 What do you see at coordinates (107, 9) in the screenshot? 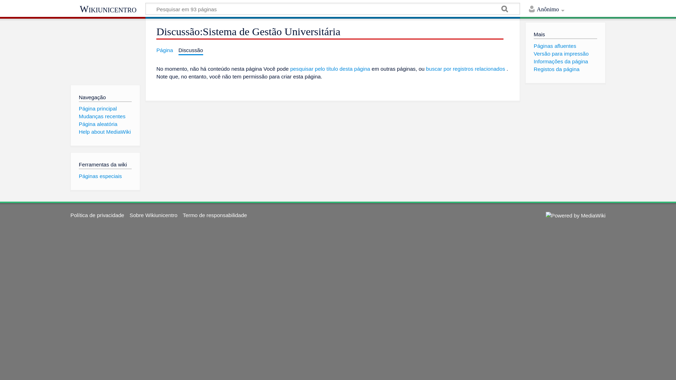
I see `'Wikiunicentro'` at bounding box center [107, 9].